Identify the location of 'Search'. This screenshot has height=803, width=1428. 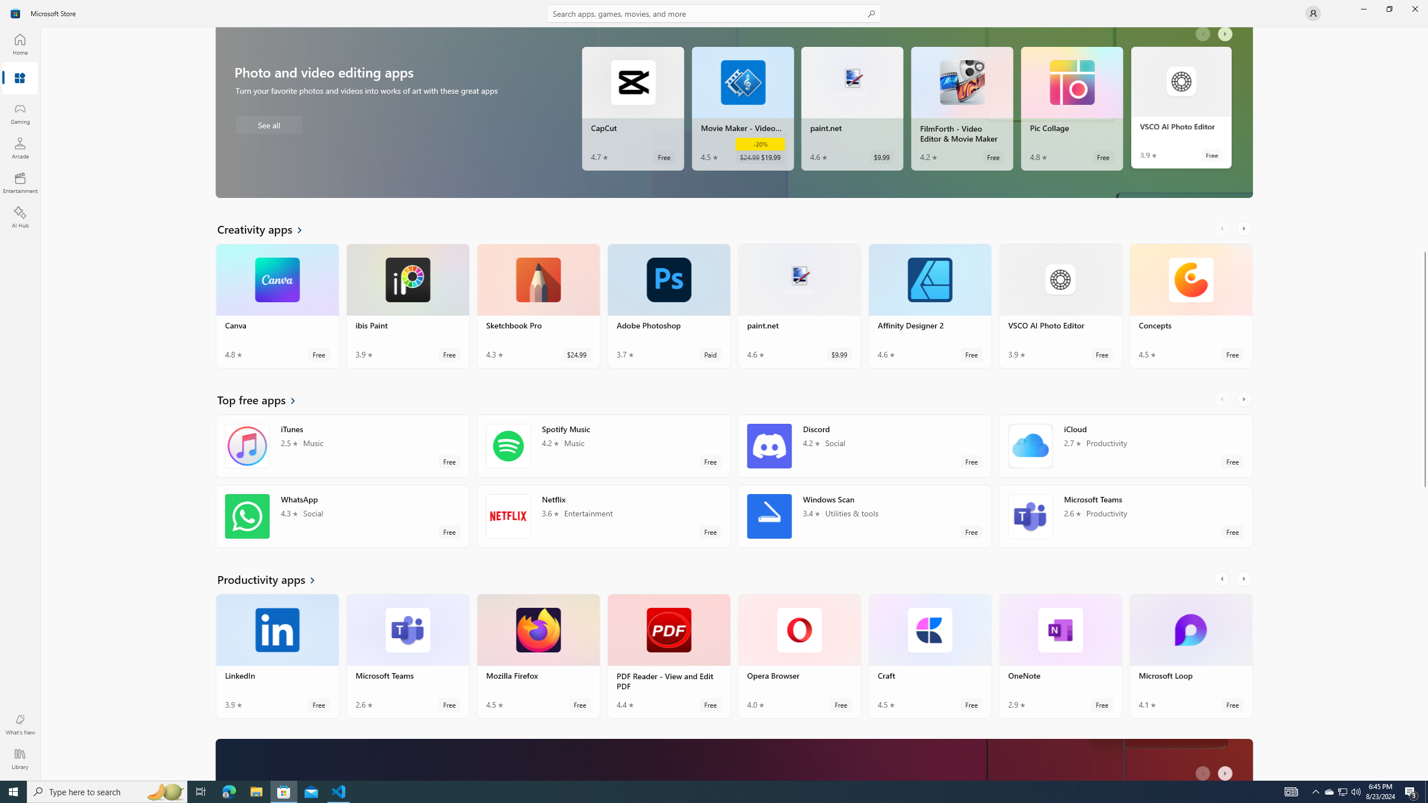
(714, 13).